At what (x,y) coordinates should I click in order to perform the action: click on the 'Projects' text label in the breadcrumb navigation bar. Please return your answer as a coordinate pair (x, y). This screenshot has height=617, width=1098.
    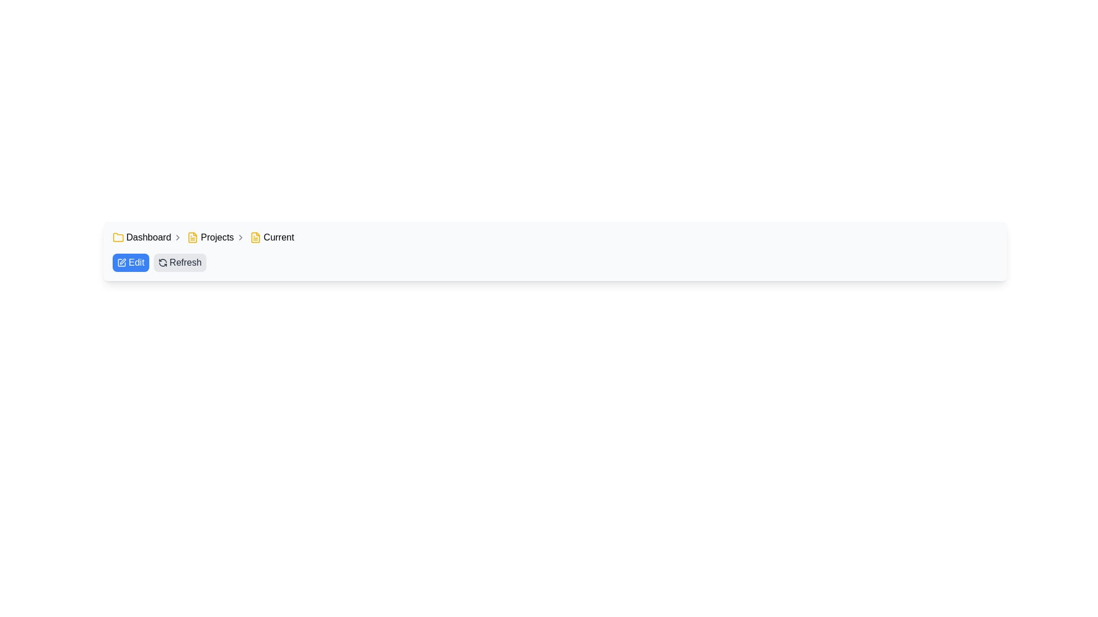
    Looking at the image, I should click on (217, 237).